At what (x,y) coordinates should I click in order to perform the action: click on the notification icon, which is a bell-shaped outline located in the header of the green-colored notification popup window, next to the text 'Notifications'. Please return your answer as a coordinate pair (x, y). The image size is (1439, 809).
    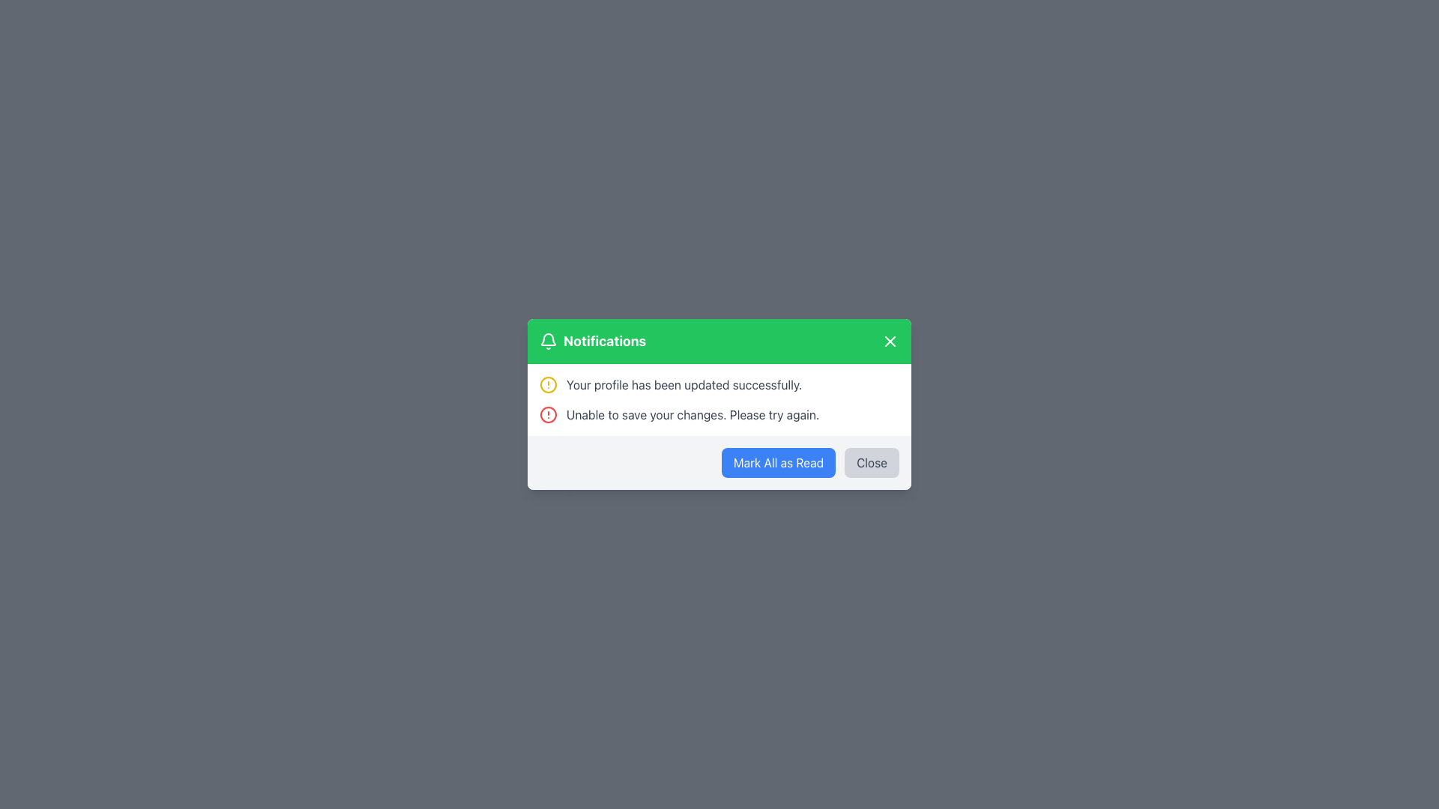
    Looking at the image, I should click on (547, 339).